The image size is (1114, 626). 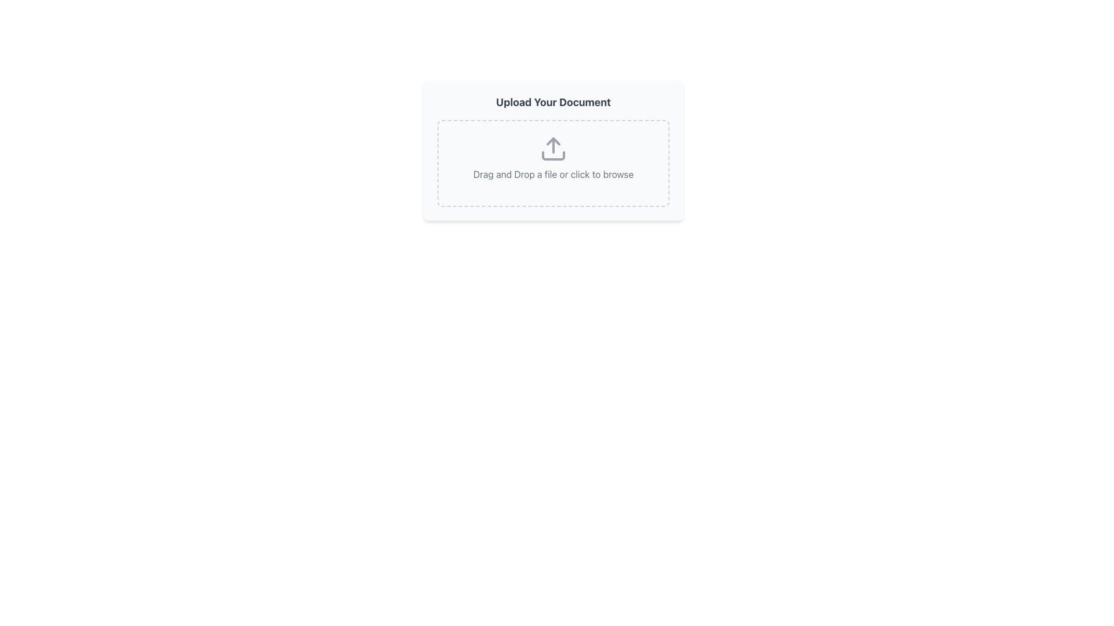 What do you see at coordinates (553, 150) in the screenshot?
I see `and drop a file onto the 'Upload Your Document' file upload widget, which has a light gray background and a dashed border for file upload` at bounding box center [553, 150].